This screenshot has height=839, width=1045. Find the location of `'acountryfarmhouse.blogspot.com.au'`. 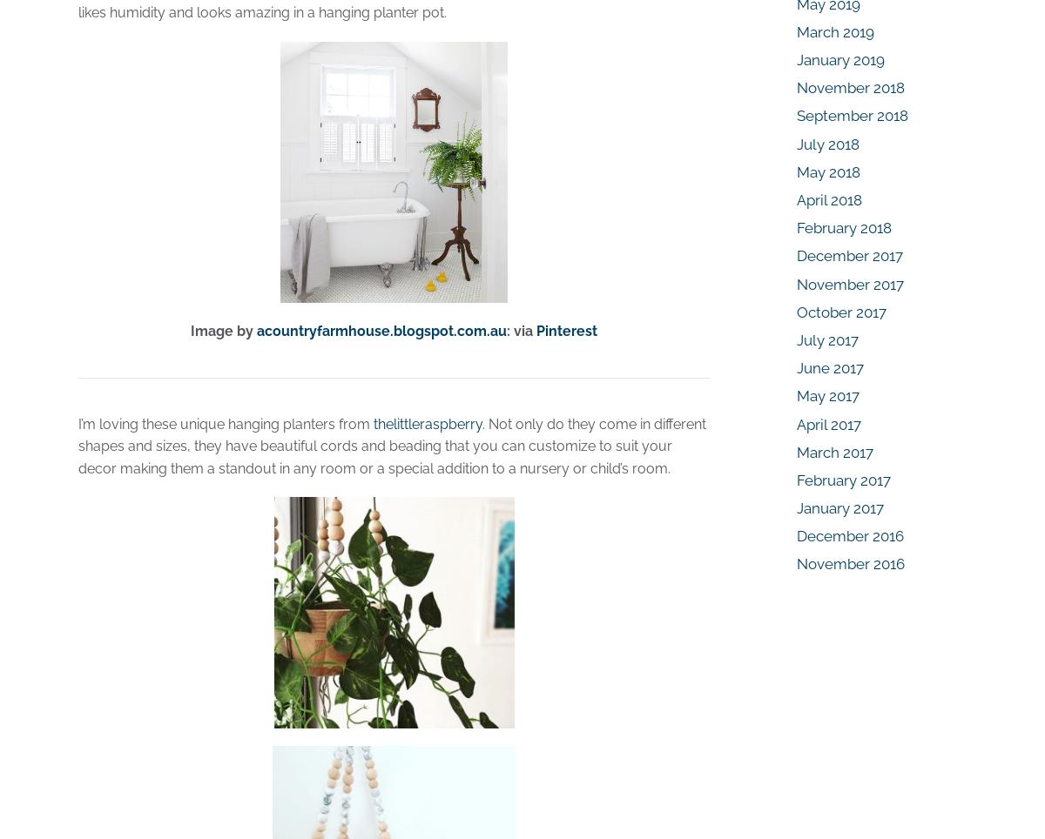

'acountryfarmhouse.blogspot.com.au' is located at coordinates (381, 331).